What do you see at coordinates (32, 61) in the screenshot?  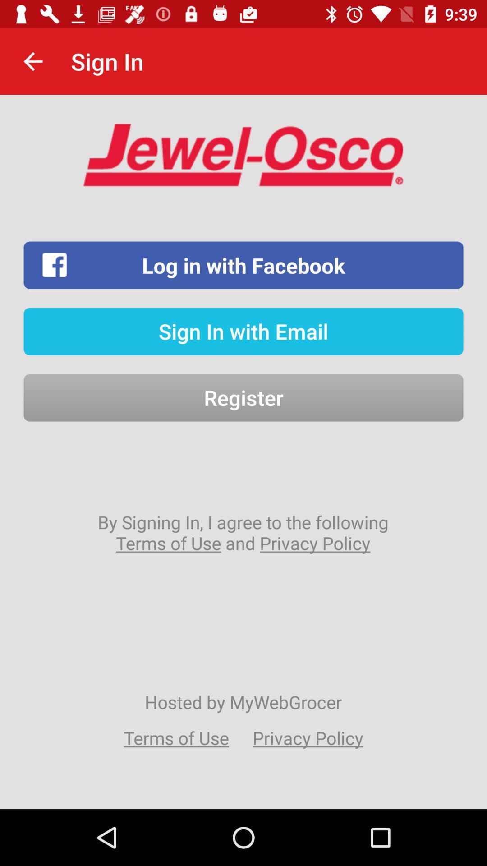 I see `icon next to sign in icon` at bounding box center [32, 61].